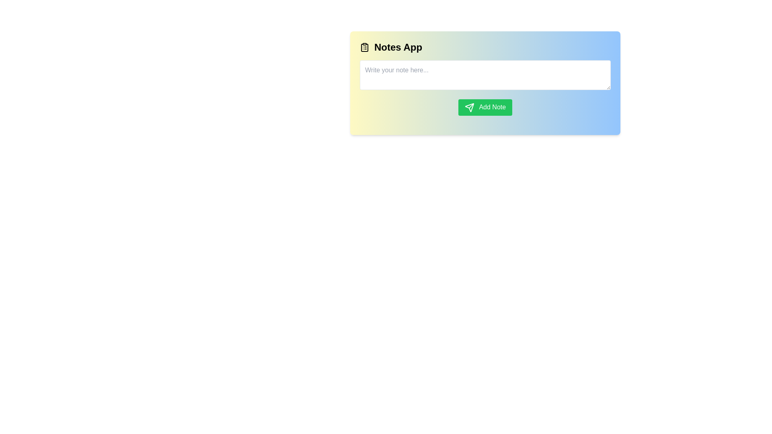 Image resolution: width=772 pixels, height=434 pixels. I want to click on the clipboard icon with a list, located to the left of the 'Notes App' text, so click(364, 47).